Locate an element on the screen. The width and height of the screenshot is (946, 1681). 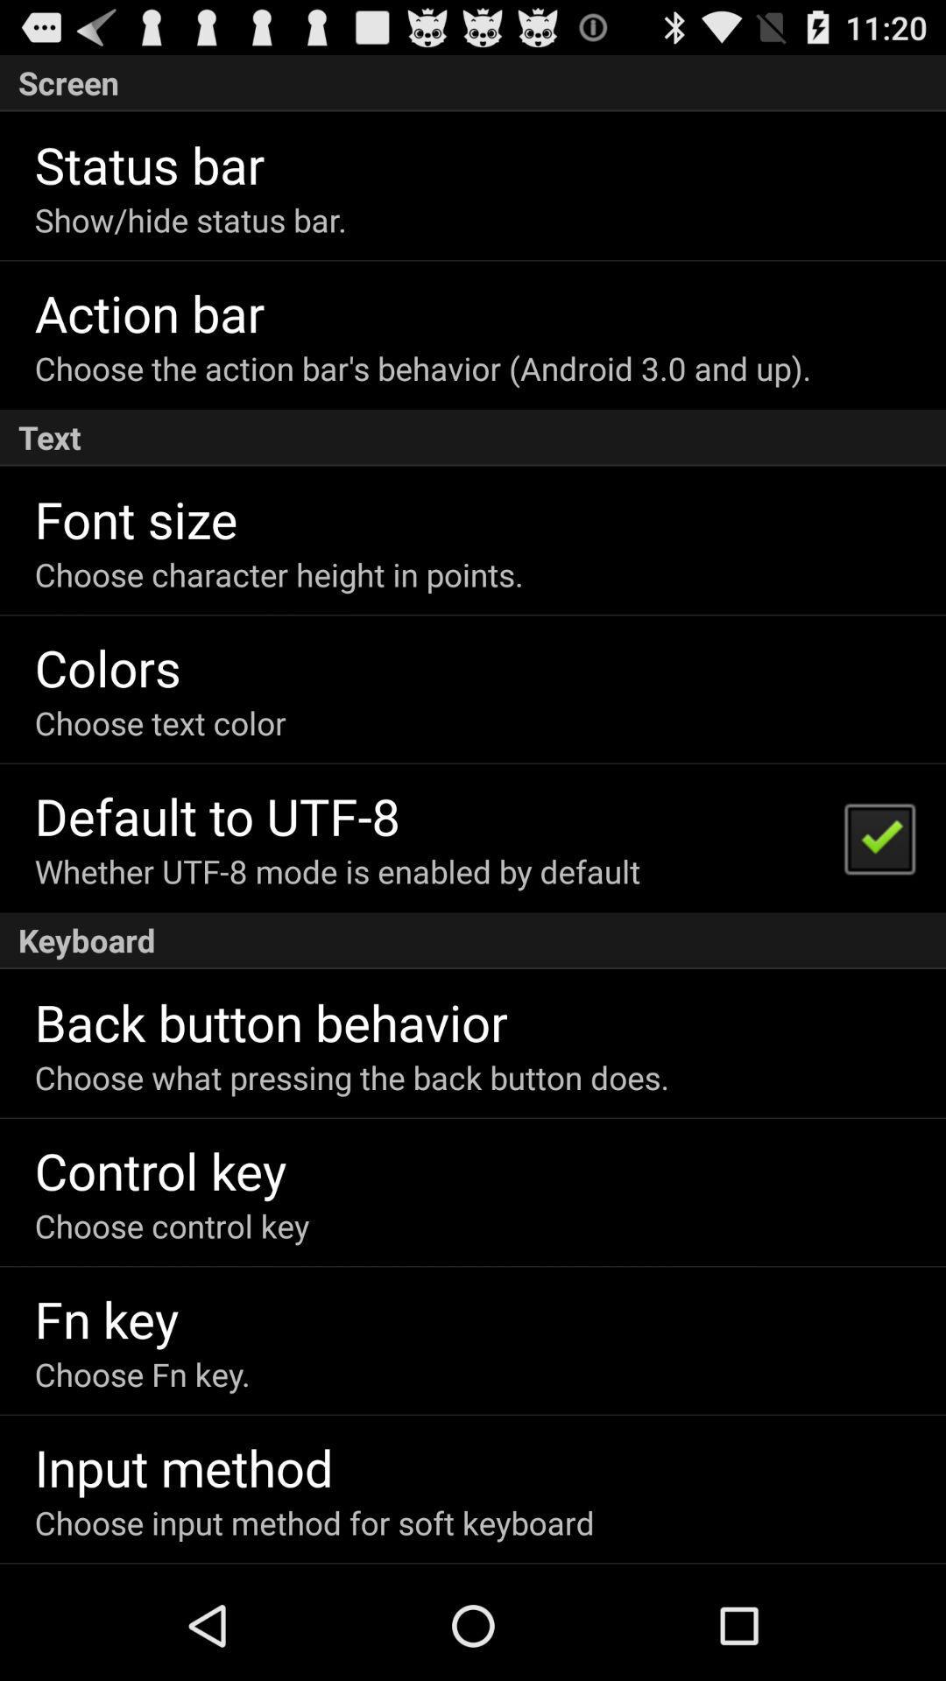
the choose text color is located at coordinates (160, 722).